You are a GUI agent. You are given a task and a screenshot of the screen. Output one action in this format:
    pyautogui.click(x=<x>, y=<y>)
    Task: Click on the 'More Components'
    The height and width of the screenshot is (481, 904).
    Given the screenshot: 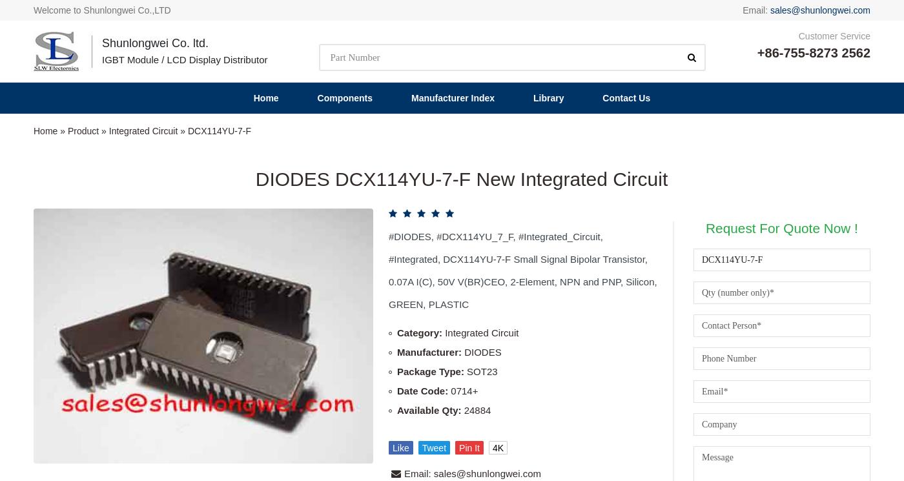 What is the action you would take?
    pyautogui.click(x=90, y=233)
    